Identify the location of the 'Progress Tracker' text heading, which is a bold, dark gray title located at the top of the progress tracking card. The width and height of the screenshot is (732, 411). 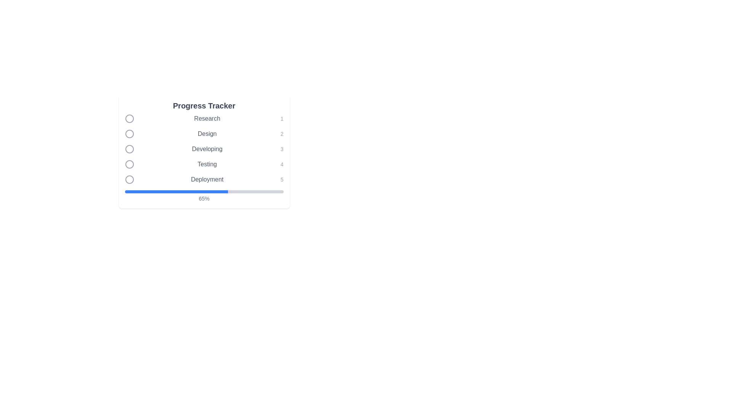
(204, 105).